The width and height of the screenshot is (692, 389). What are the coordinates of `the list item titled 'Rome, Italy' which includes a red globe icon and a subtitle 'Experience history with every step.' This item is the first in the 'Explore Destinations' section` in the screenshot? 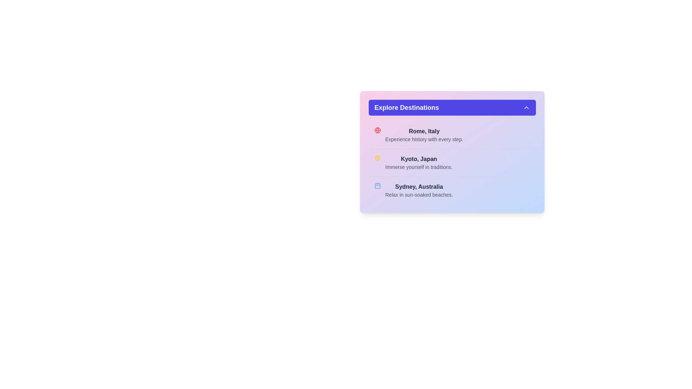 It's located at (452, 135).